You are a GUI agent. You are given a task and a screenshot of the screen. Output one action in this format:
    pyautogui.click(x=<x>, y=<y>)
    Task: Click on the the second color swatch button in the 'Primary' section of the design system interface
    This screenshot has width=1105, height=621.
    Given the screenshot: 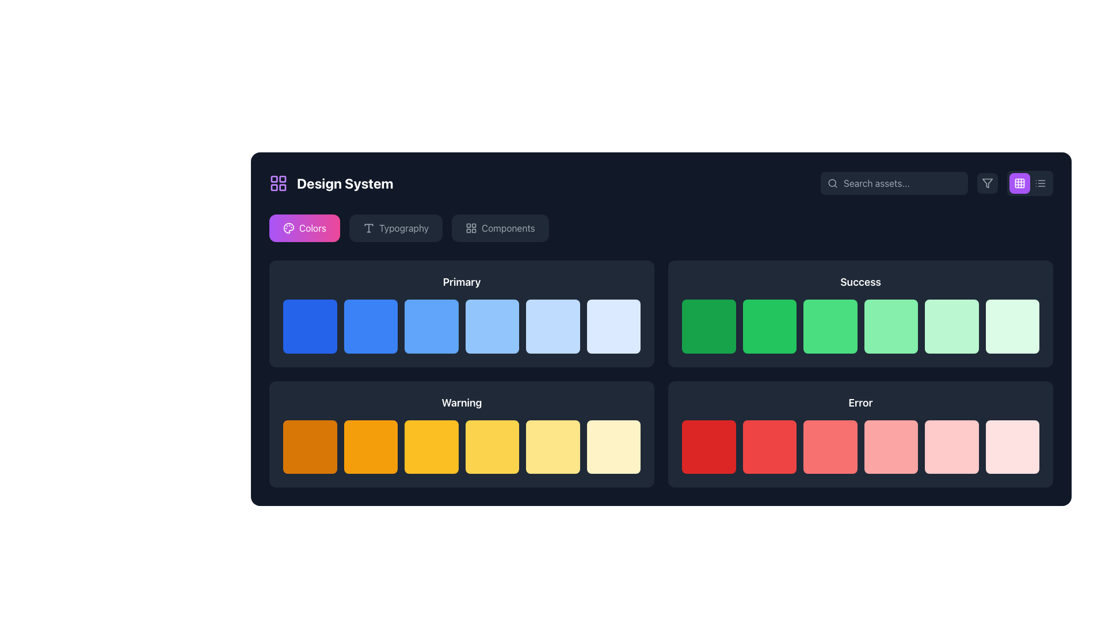 What is the action you would take?
    pyautogui.click(x=371, y=326)
    